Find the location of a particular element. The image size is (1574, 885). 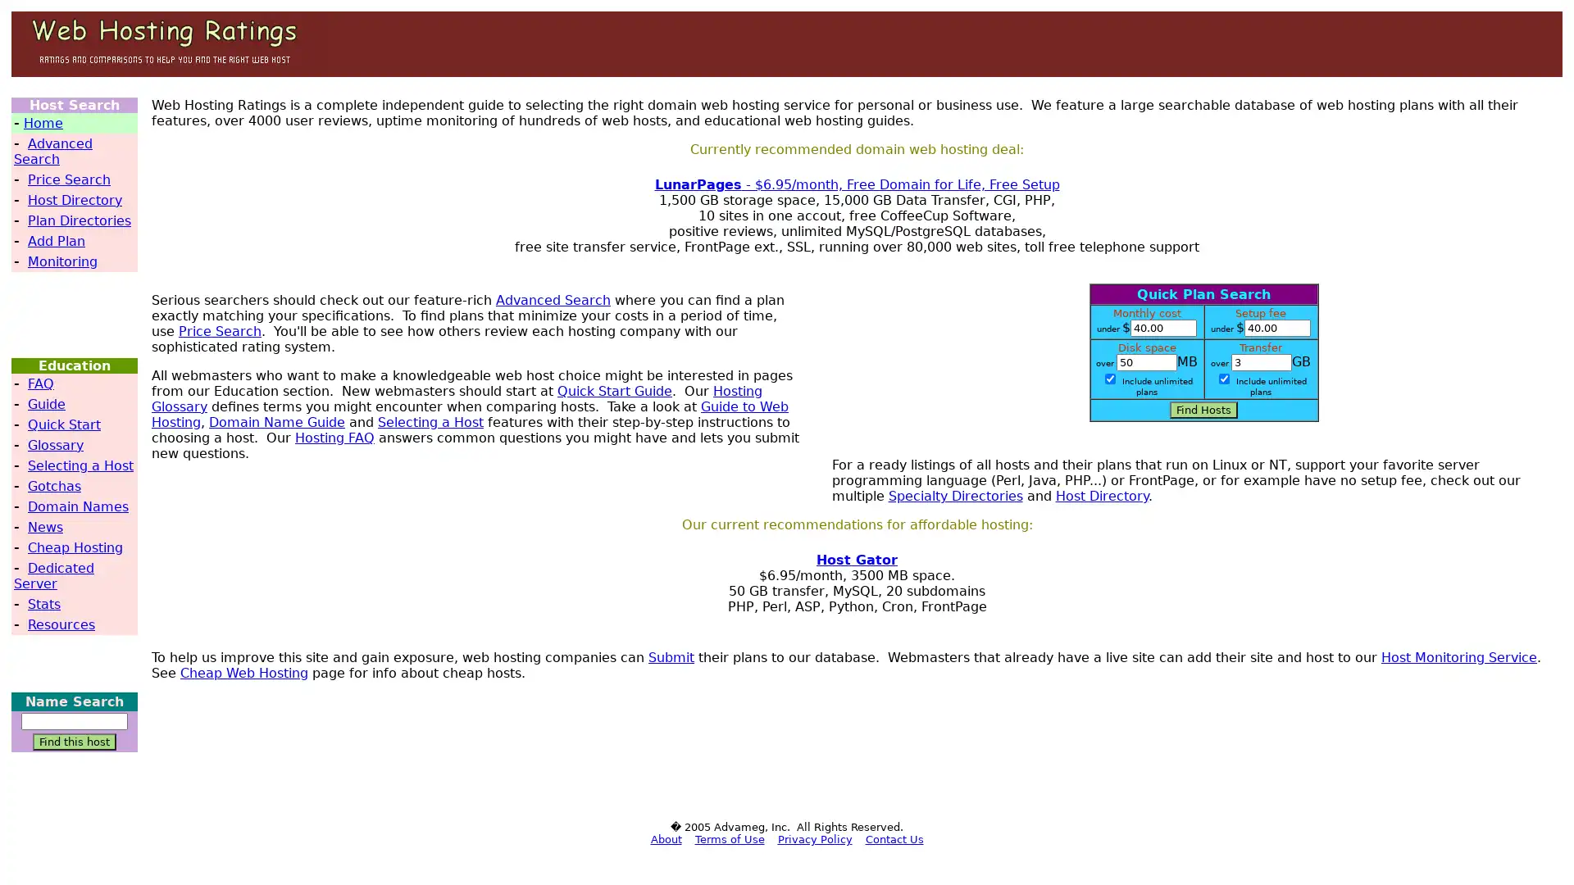

Find this host is located at coordinates (74, 742).